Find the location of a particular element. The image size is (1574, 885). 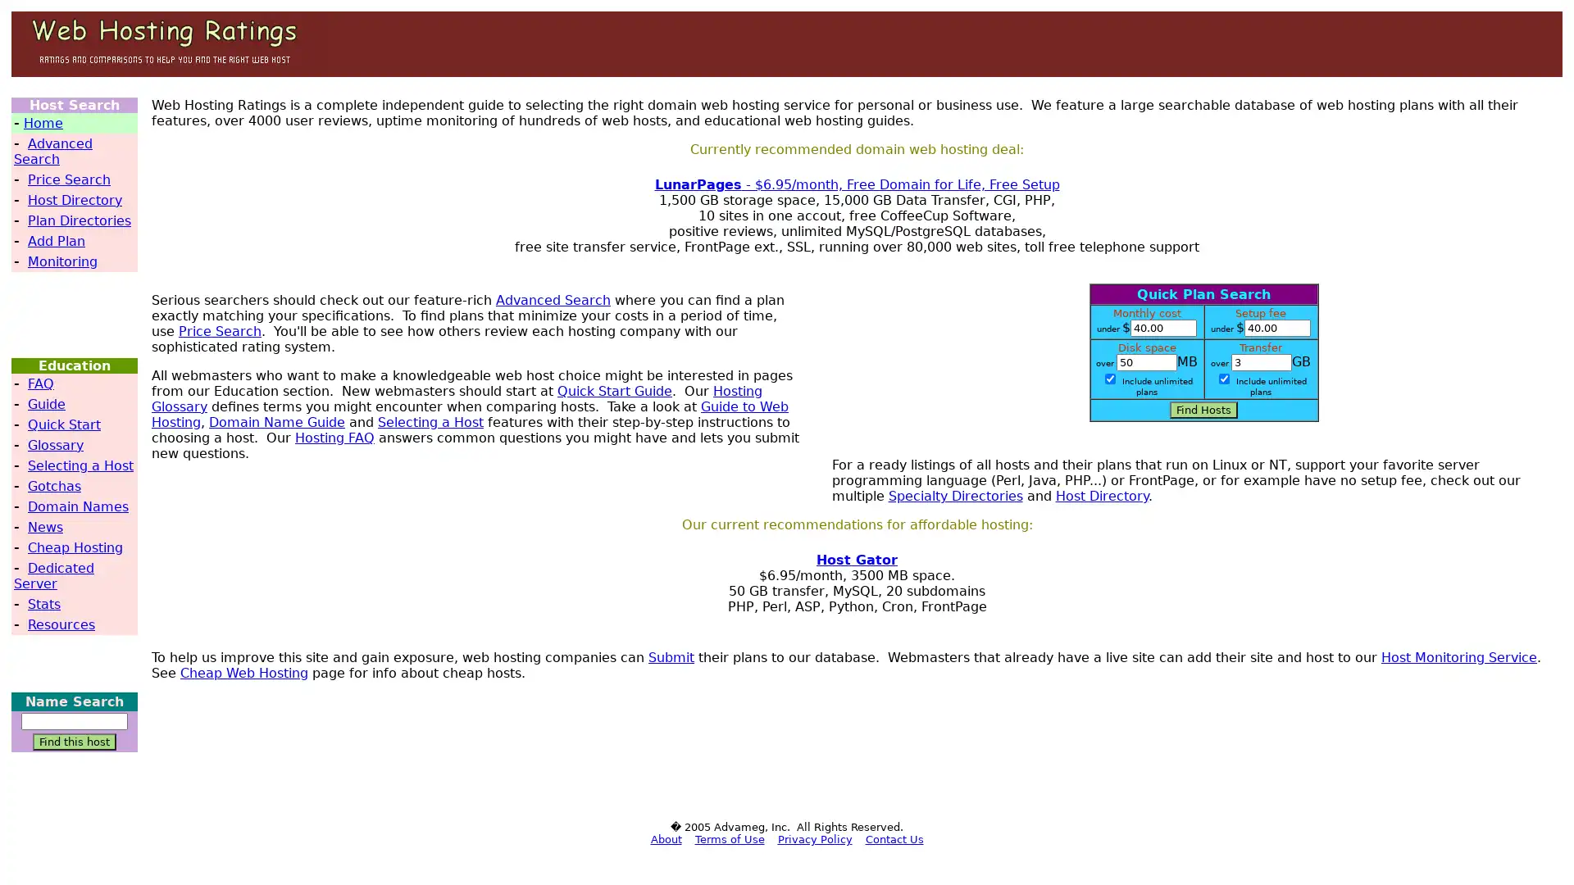

Find this host is located at coordinates (74, 742).